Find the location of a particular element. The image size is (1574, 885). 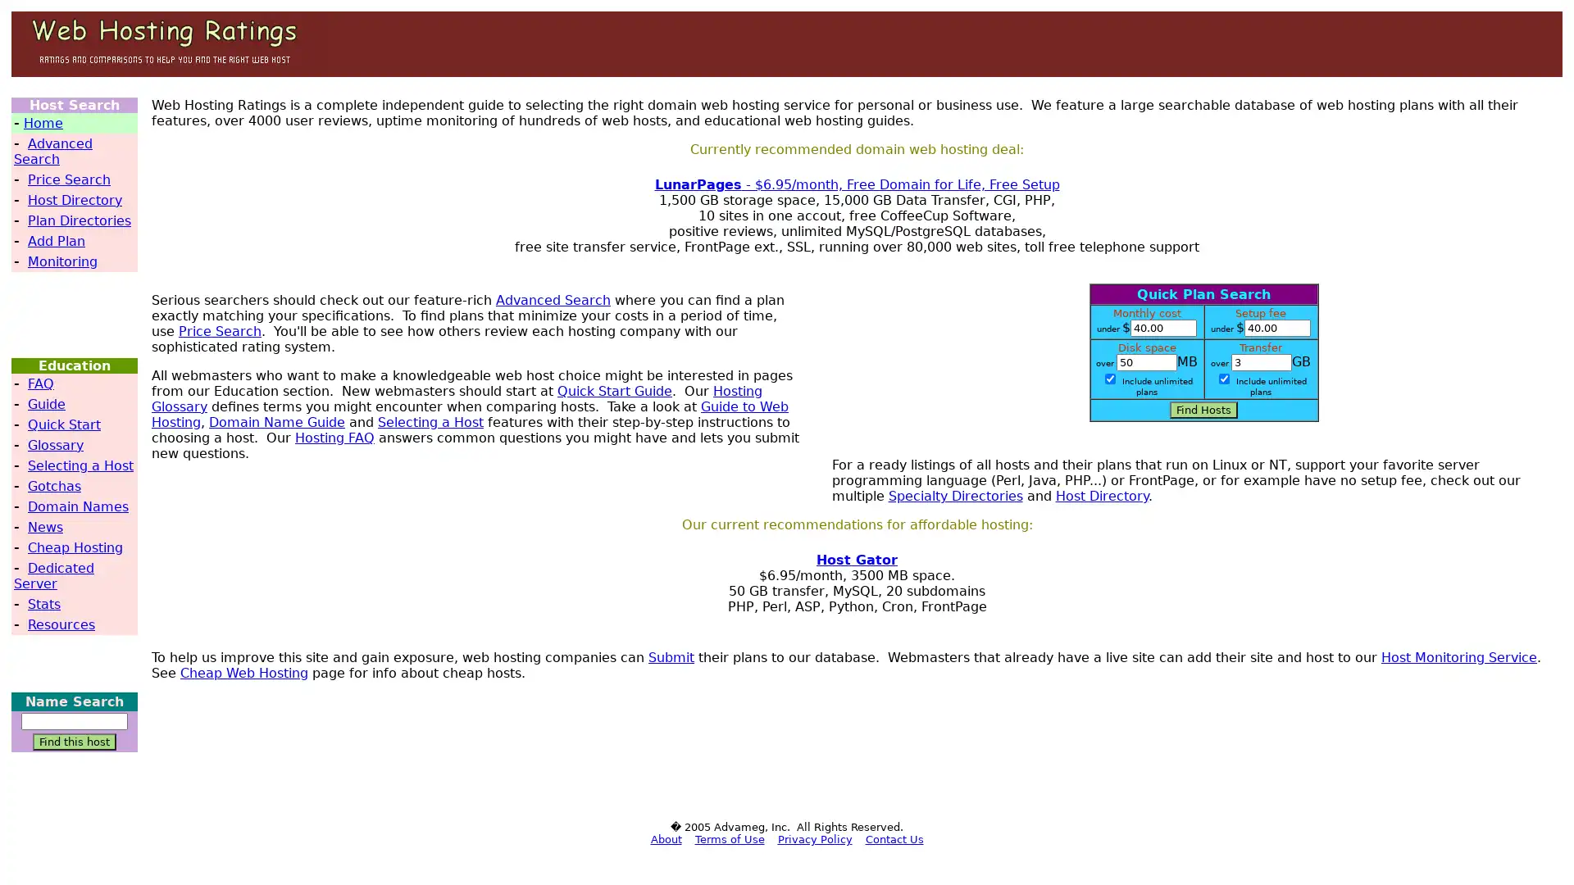

Find this host is located at coordinates (74, 742).